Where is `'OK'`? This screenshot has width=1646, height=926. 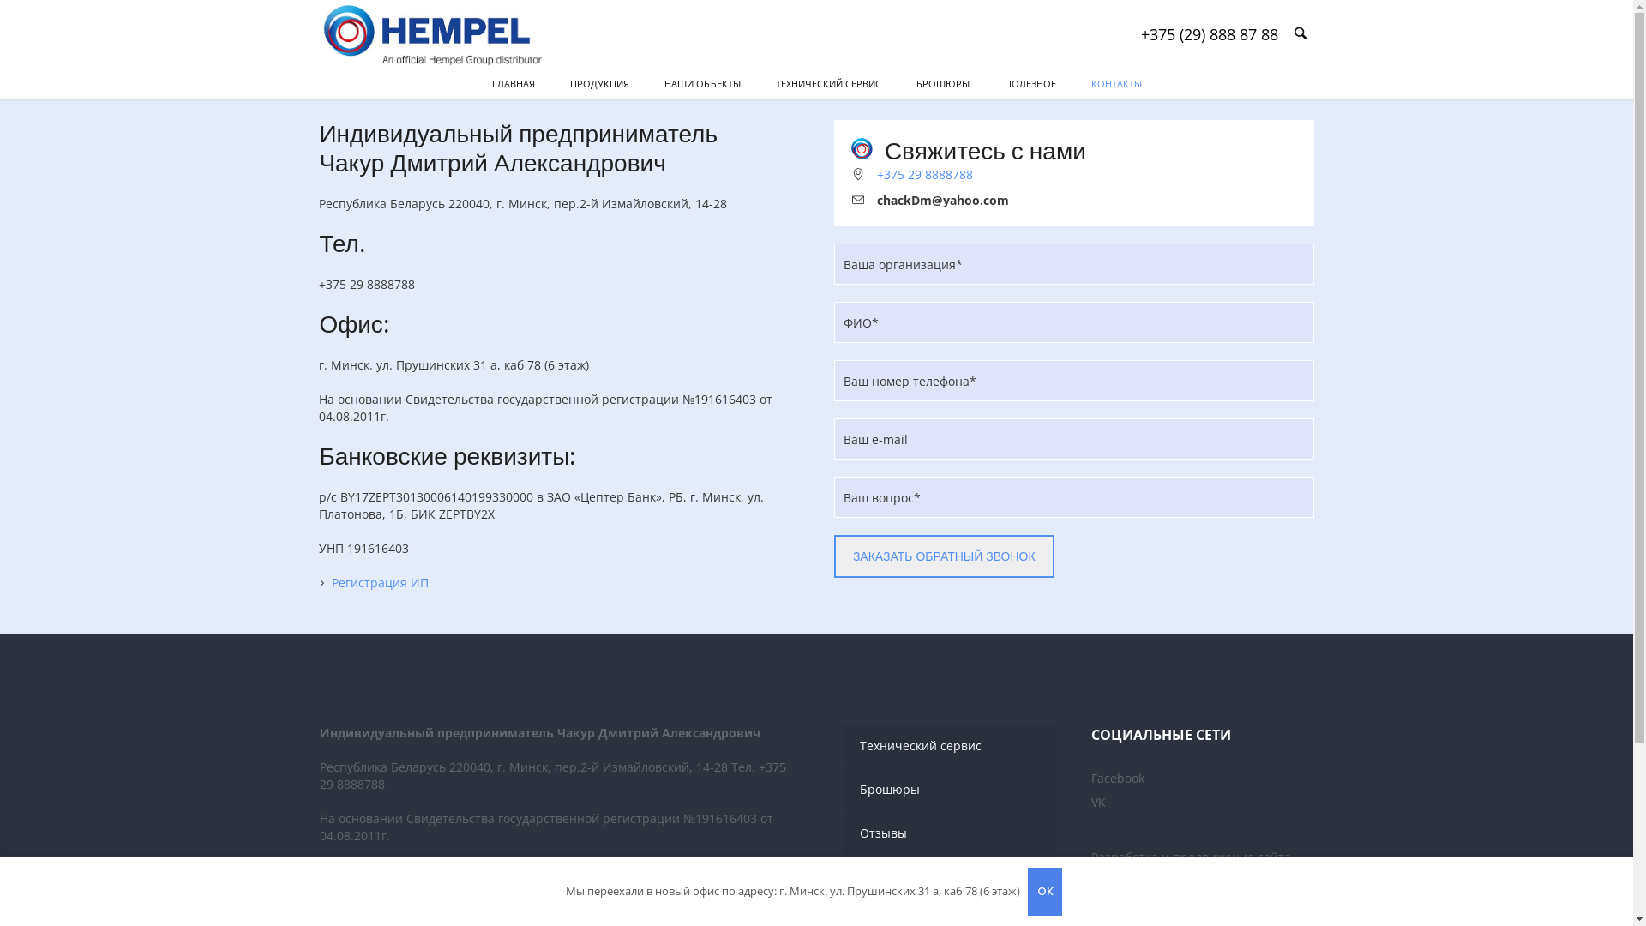 'OK' is located at coordinates (1028, 891).